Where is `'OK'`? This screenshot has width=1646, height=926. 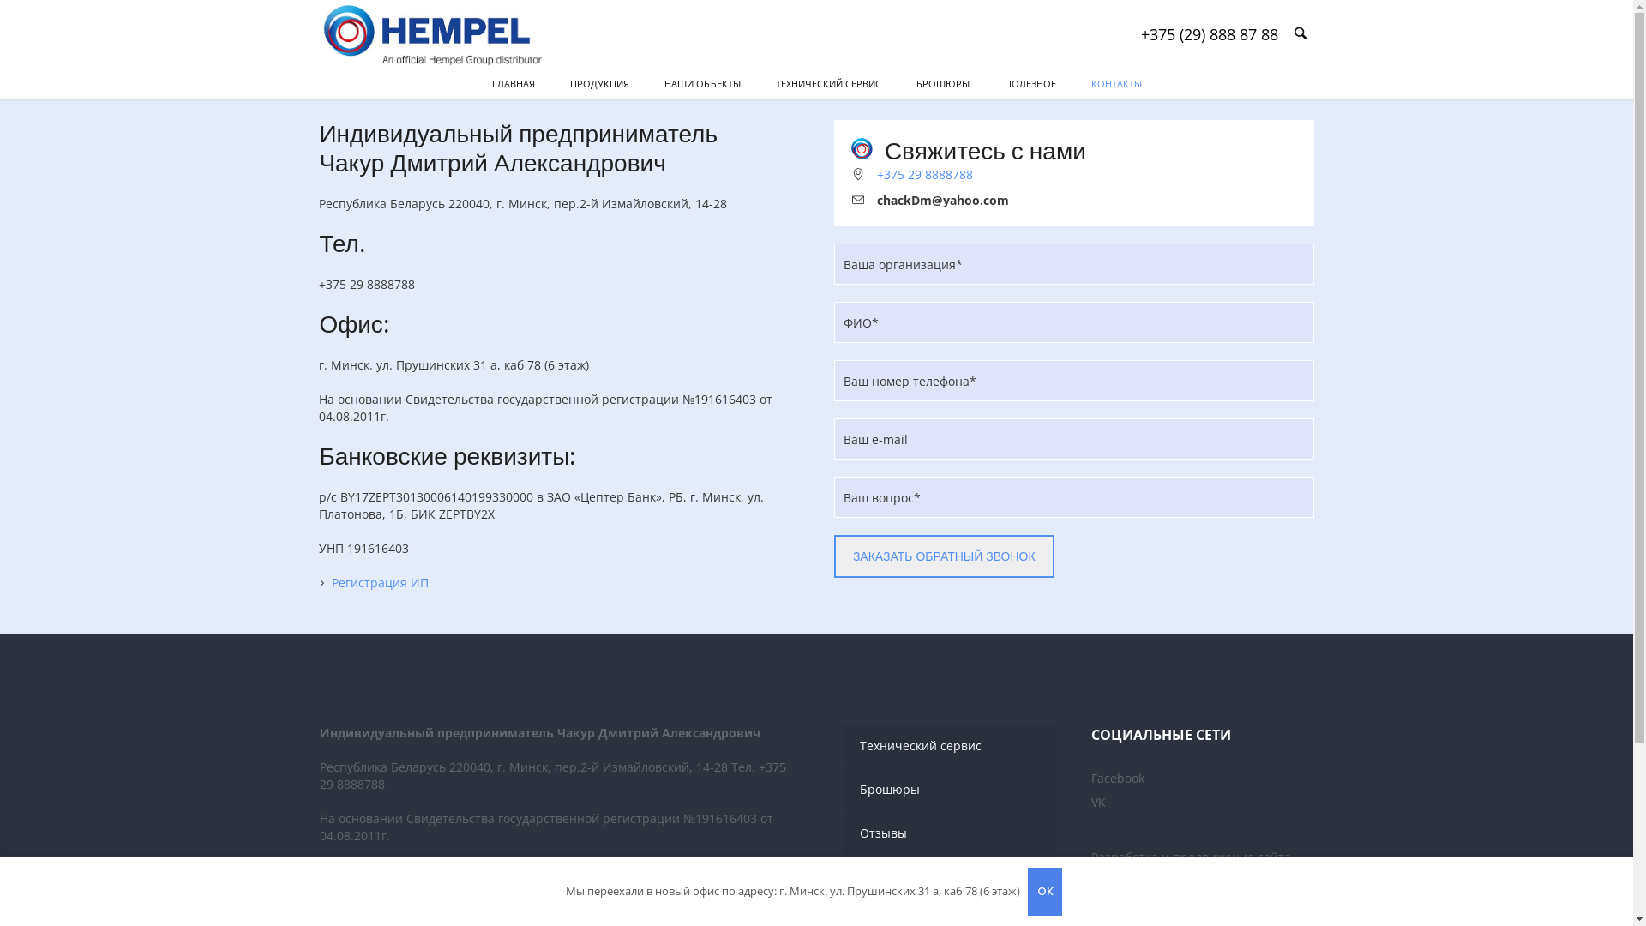 'OK' is located at coordinates (1028, 891).